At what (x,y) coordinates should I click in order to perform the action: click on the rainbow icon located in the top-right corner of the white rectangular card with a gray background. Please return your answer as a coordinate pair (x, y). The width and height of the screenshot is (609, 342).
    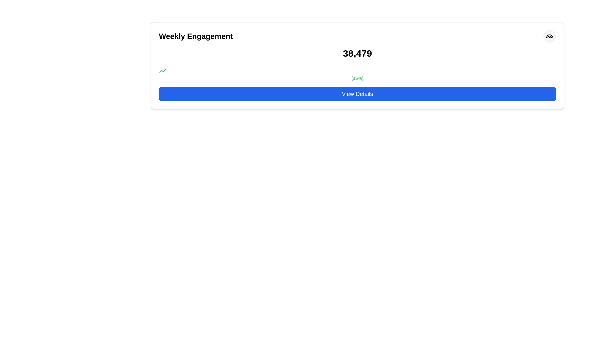
    Looking at the image, I should click on (549, 36).